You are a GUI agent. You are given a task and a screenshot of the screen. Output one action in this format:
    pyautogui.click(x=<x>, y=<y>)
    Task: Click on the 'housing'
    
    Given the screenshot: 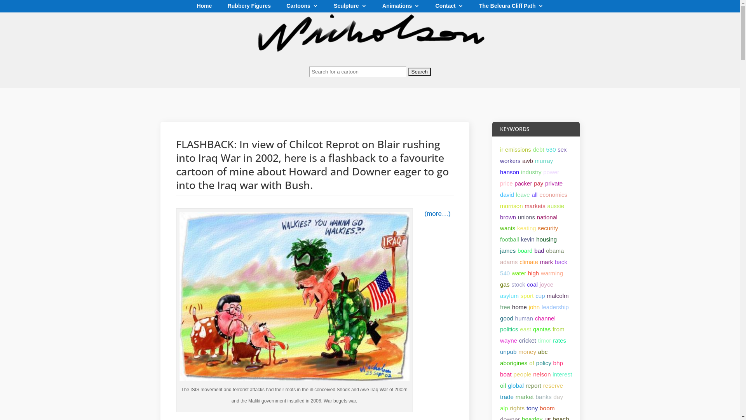 What is the action you would take?
    pyautogui.click(x=546, y=239)
    